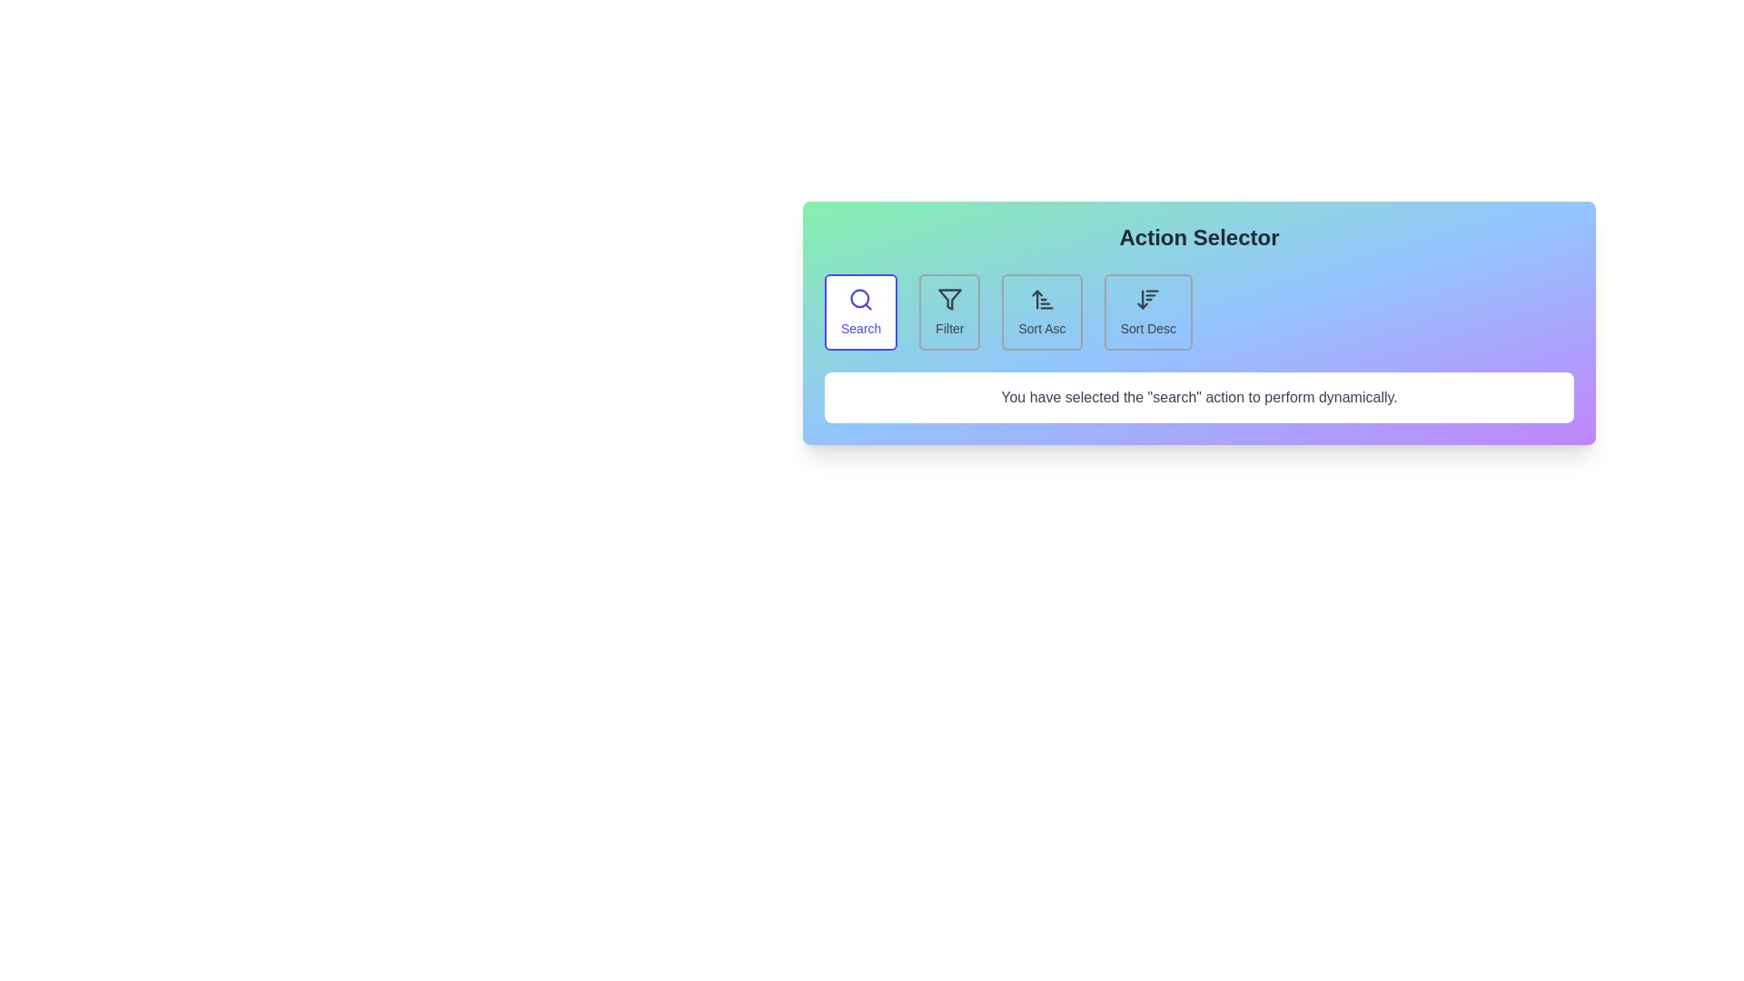  What do you see at coordinates (1042, 311) in the screenshot?
I see `the 'Sort Asc' button, which has a rounded rectangular shape with an upward arrow icon and is the third button in a group of four, to sort items in ascending order` at bounding box center [1042, 311].